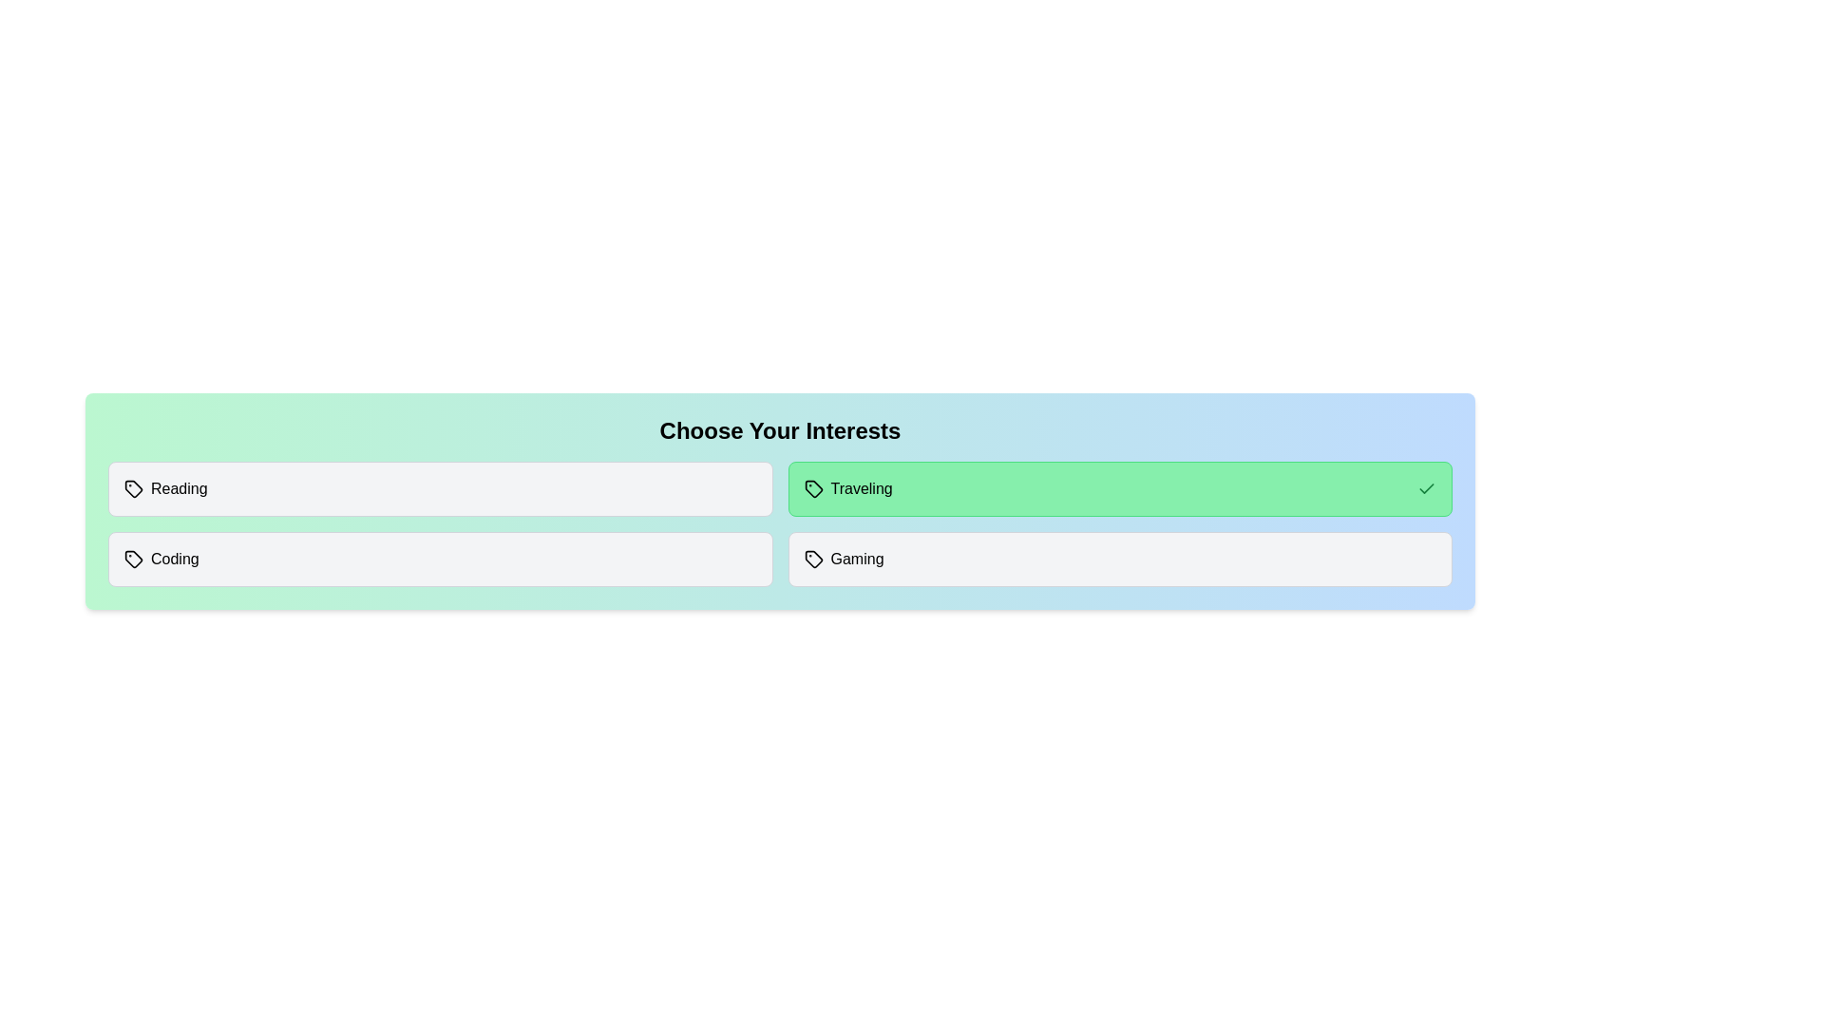 The height and width of the screenshot is (1026, 1824). What do you see at coordinates (1120, 488) in the screenshot?
I see `the interest button labeled Traveling` at bounding box center [1120, 488].